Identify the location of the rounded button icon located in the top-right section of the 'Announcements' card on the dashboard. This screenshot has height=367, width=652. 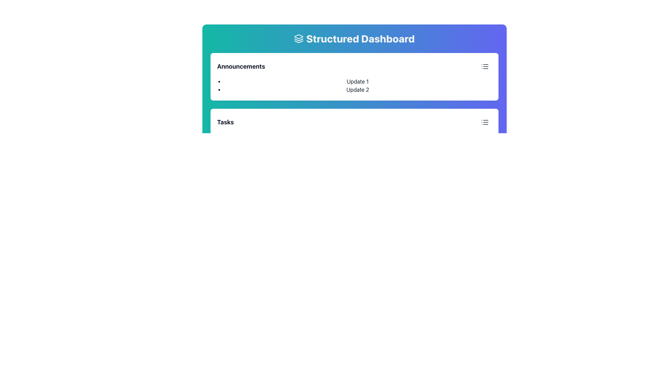
(484, 122).